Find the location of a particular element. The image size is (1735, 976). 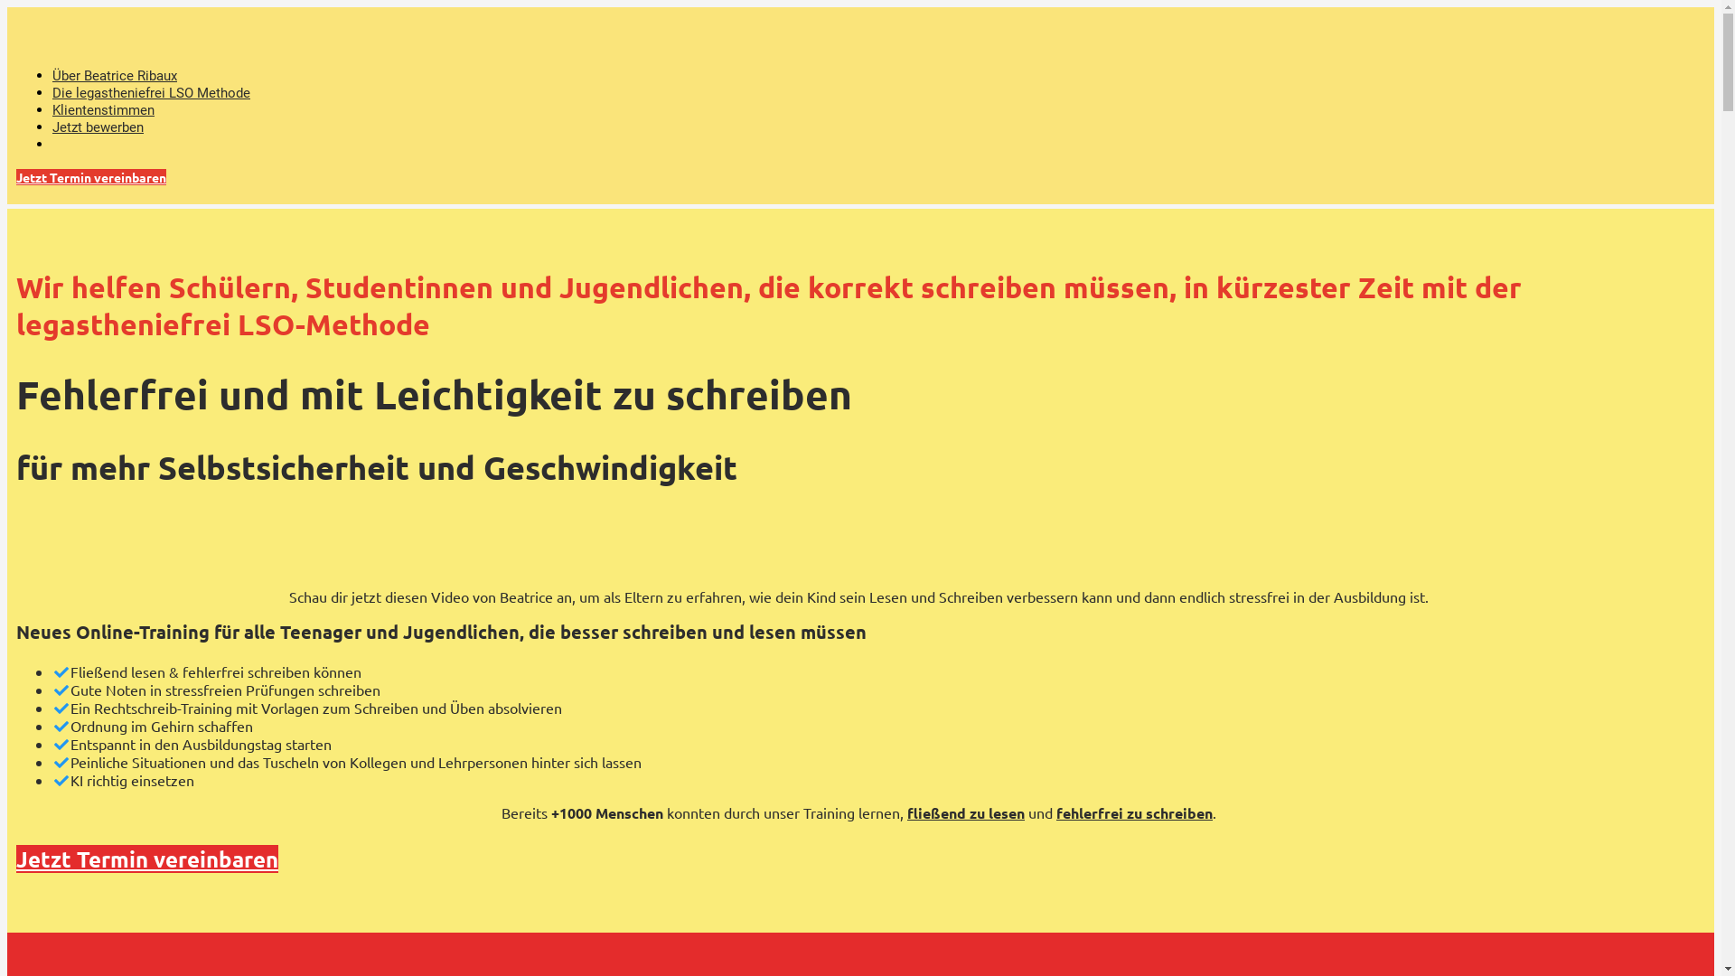

'Jetzt Termin vereinbaren' is located at coordinates (147, 858).